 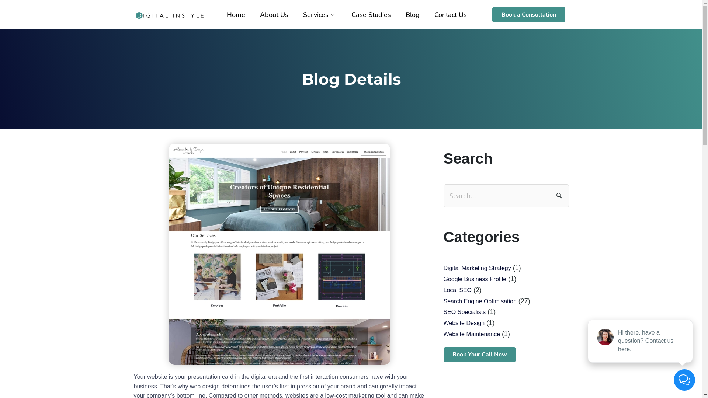 I want to click on 'Blog', so click(x=412, y=14).